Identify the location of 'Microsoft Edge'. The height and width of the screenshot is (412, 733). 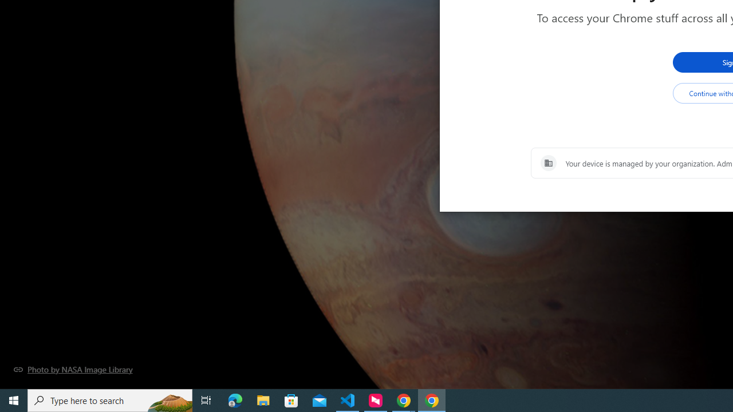
(235, 399).